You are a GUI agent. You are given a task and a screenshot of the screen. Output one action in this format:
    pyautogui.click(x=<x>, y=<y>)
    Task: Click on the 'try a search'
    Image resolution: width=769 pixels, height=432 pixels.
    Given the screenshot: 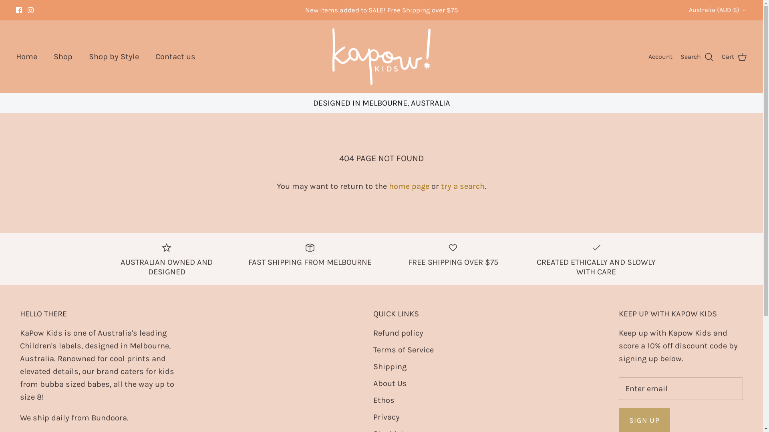 What is the action you would take?
    pyautogui.click(x=463, y=186)
    